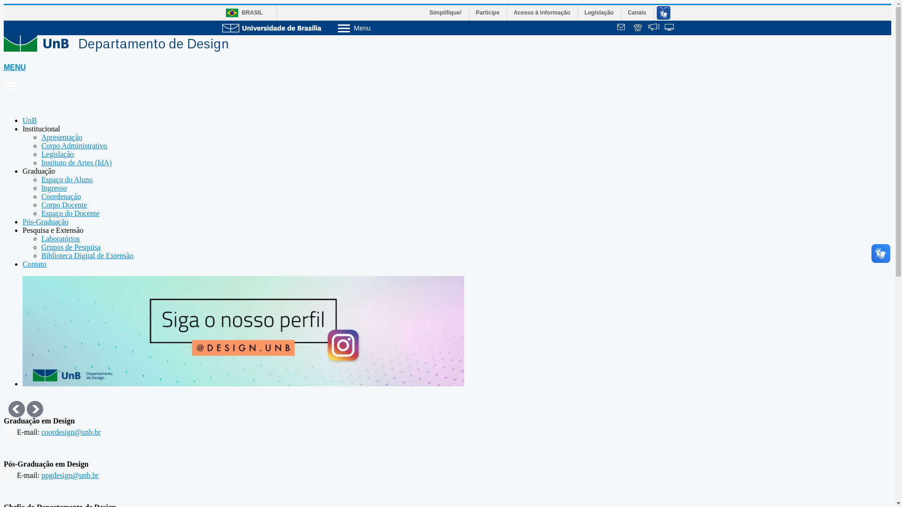 This screenshot has width=902, height=507. What do you see at coordinates (40, 162) in the screenshot?
I see `'Instituto de Artes (IdA)'` at bounding box center [40, 162].